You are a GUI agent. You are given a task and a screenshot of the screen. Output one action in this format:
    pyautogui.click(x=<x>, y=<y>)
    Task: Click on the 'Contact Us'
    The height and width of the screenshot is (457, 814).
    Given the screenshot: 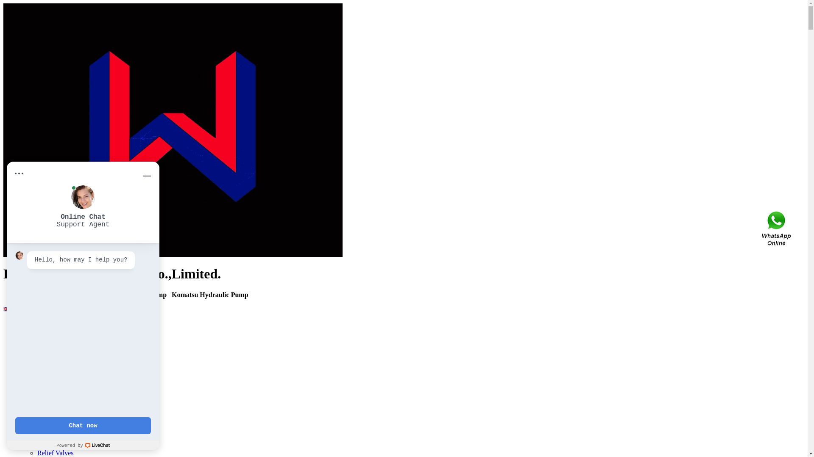 What is the action you would take?
    pyautogui.click(x=777, y=228)
    